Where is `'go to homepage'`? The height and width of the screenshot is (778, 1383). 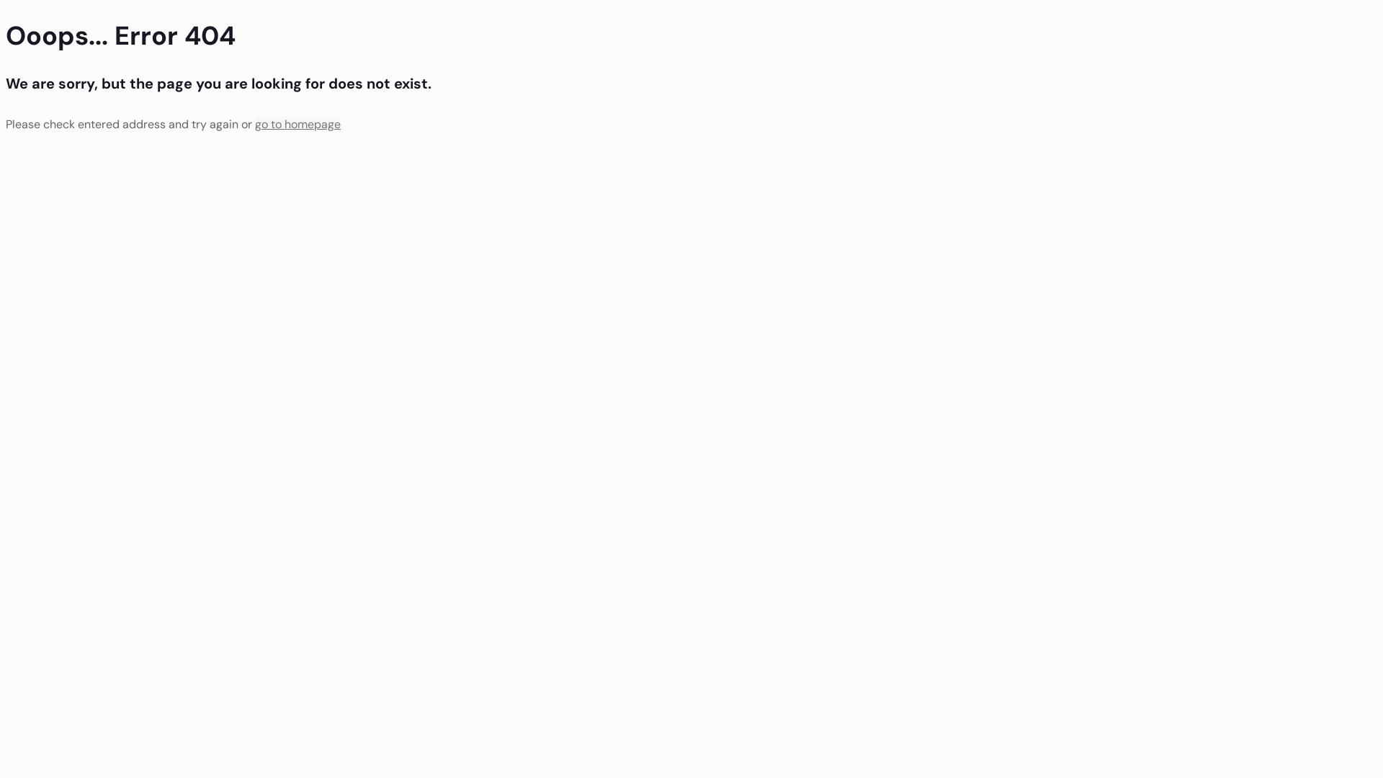
'go to homepage' is located at coordinates (297, 123).